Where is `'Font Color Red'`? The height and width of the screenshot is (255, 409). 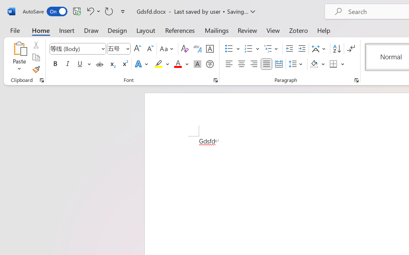
'Font Color Red' is located at coordinates (178, 64).